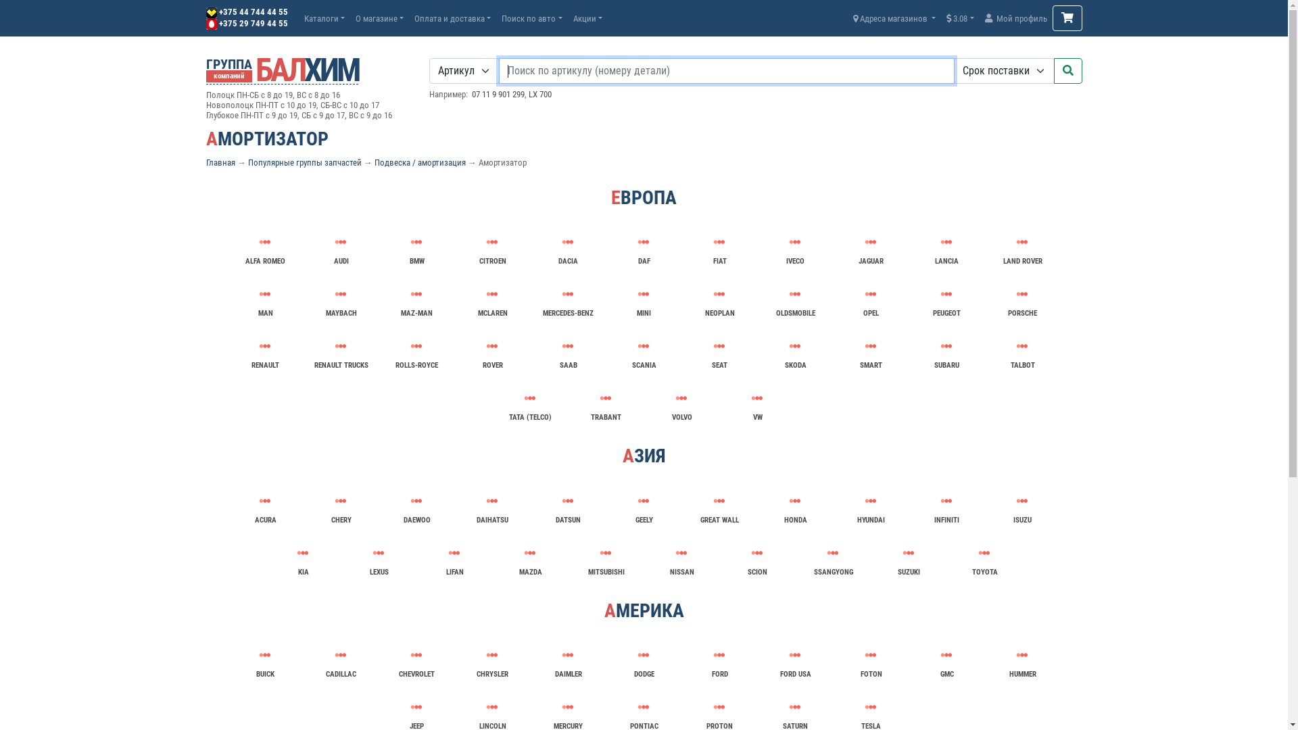 The height and width of the screenshot is (730, 1298). I want to click on 'IVECO', so click(795, 241).